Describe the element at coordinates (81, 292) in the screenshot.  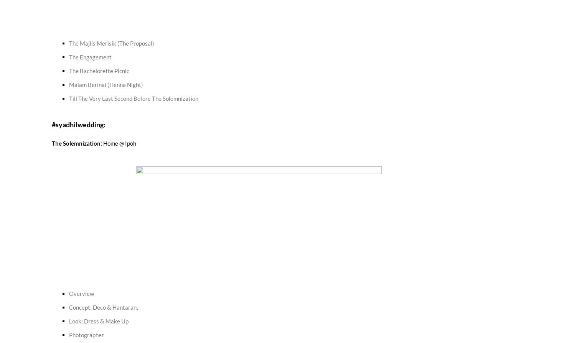
I see `'Overview'` at that location.